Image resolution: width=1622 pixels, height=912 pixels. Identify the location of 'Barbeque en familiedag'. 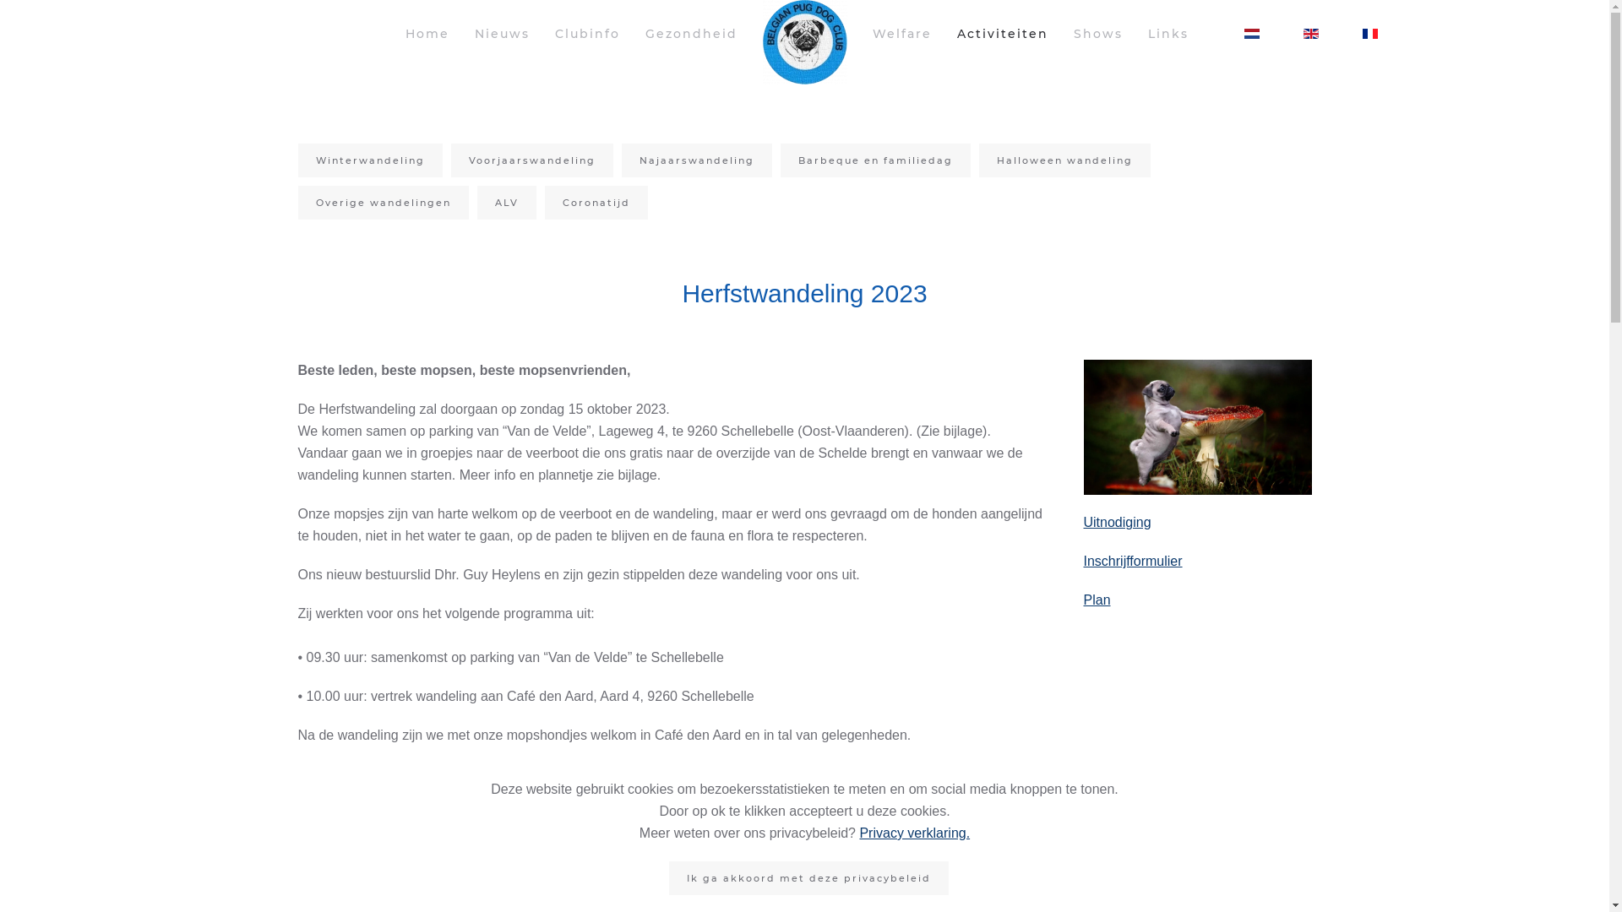
(875, 160).